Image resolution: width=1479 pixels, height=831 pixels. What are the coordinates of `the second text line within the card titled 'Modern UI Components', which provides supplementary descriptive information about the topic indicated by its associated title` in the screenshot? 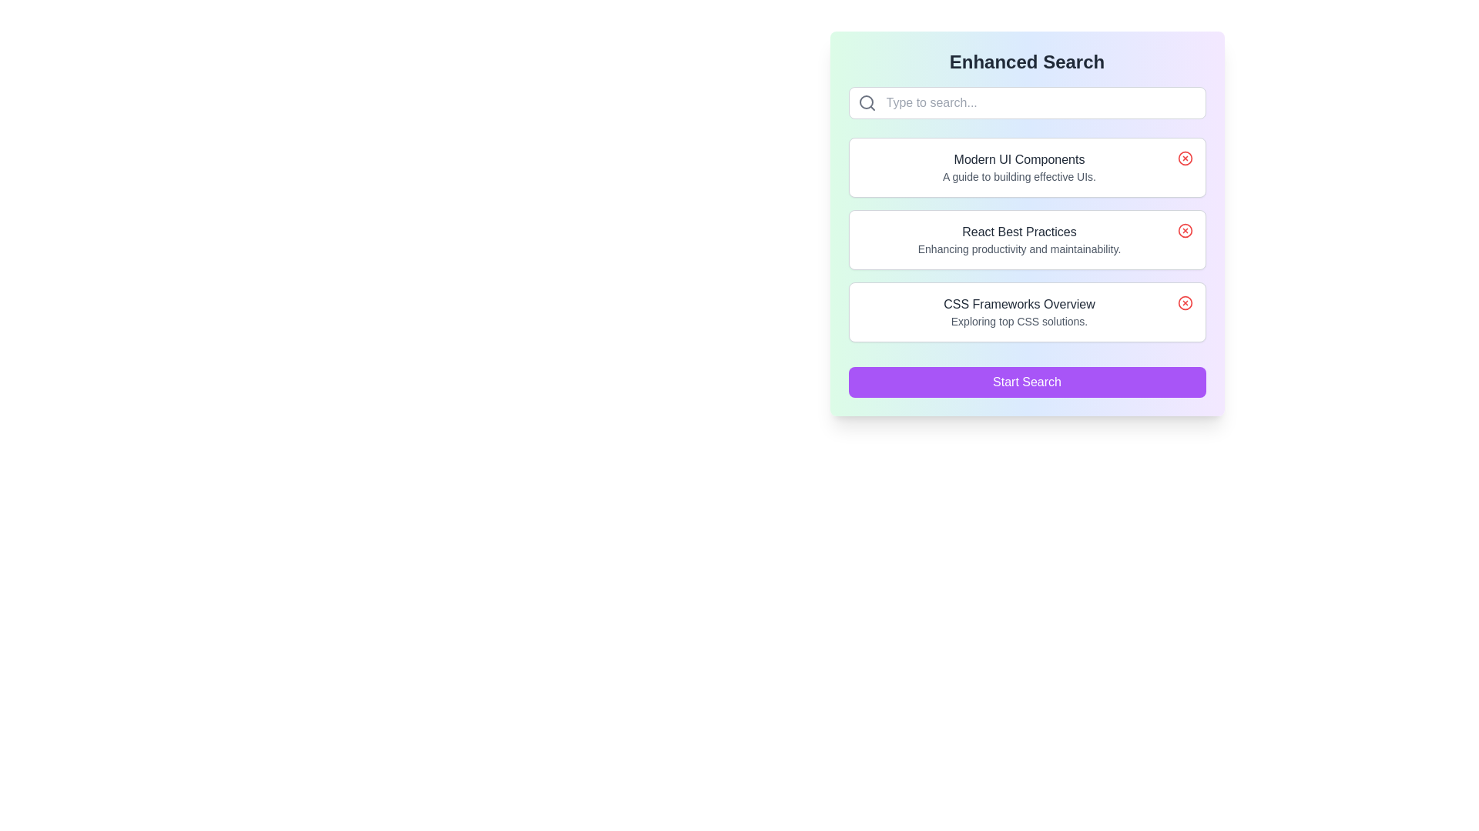 It's located at (1019, 176).